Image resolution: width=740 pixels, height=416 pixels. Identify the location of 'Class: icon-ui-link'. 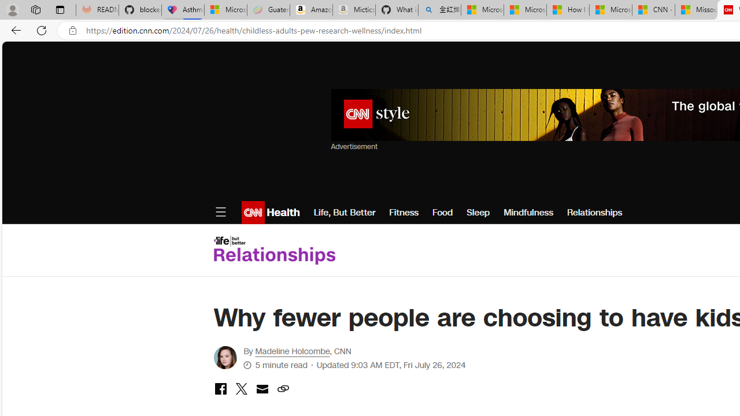
(283, 388).